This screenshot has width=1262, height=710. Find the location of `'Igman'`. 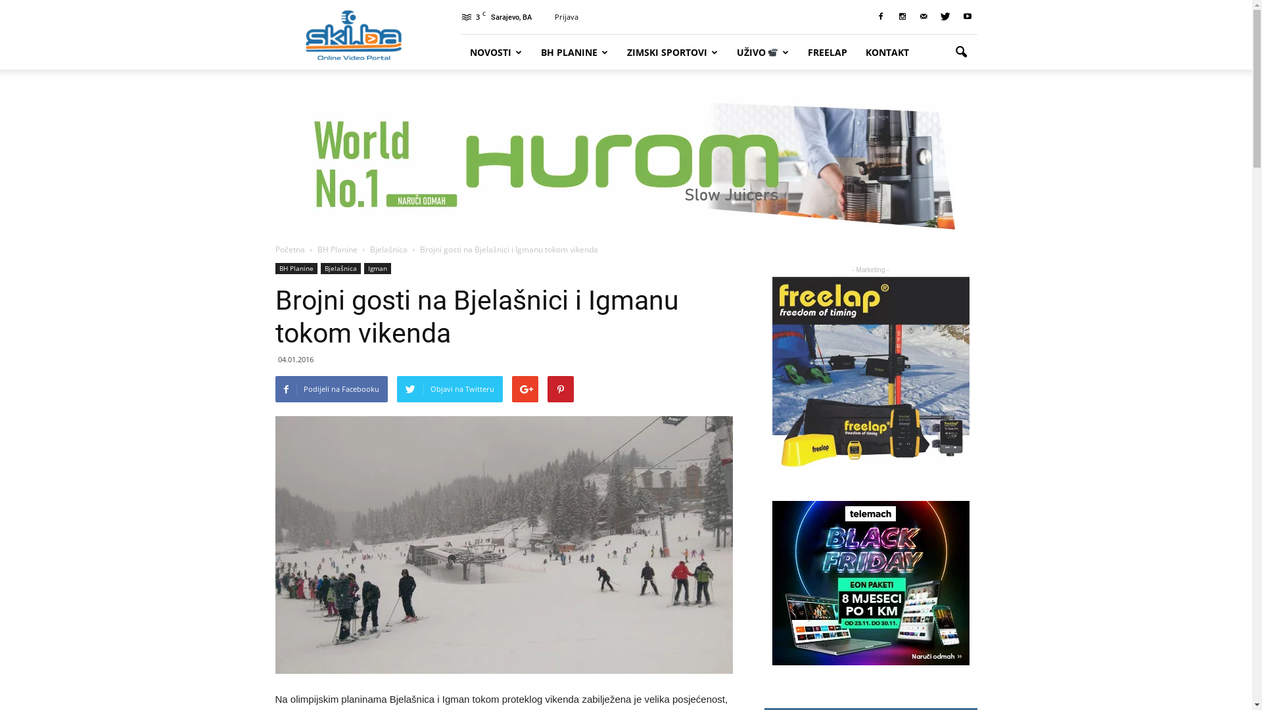

'Igman' is located at coordinates (363, 268).